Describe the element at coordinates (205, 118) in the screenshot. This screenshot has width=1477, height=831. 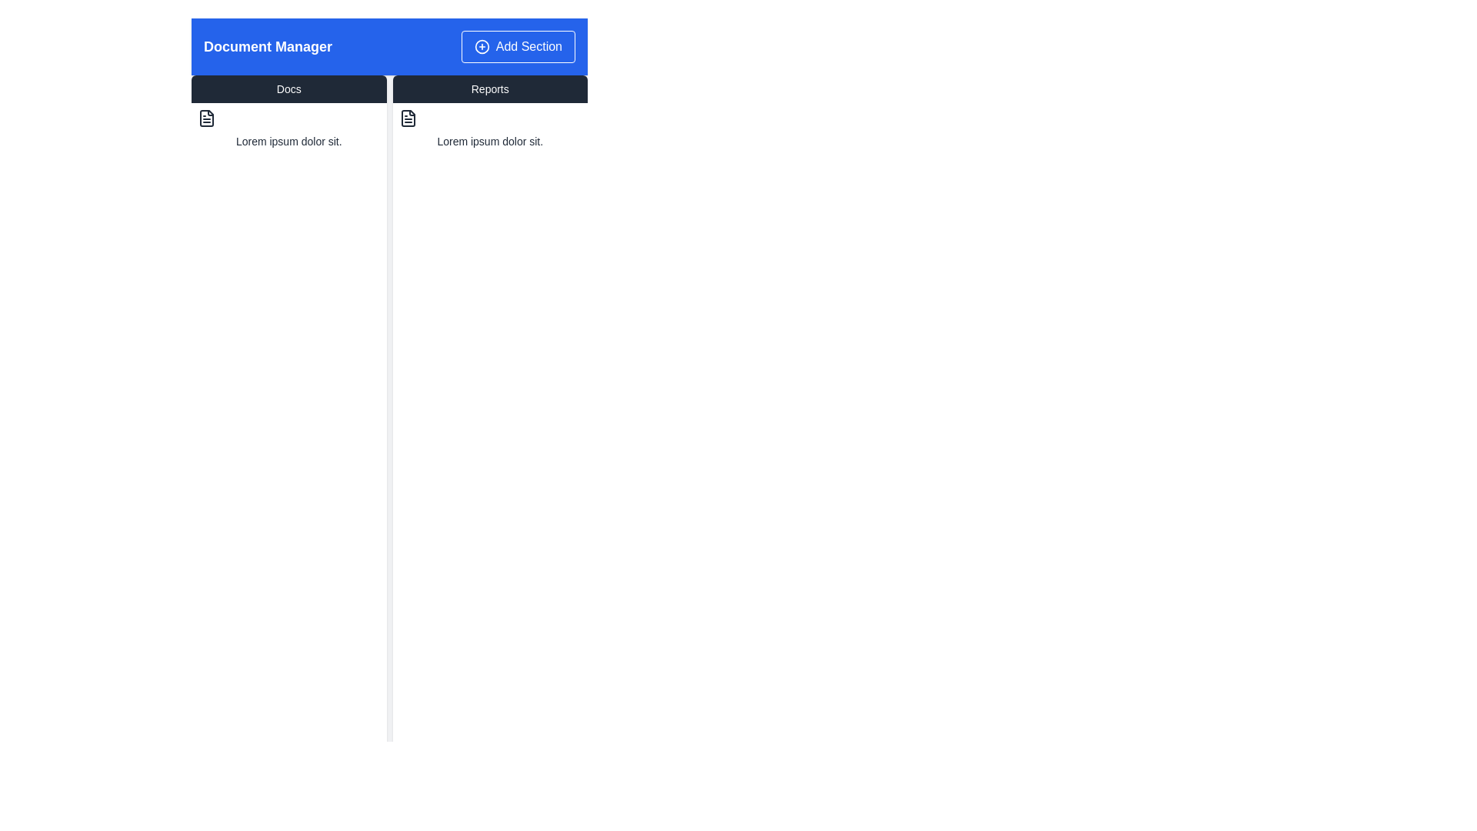
I see `the icon representing the file type associated with the adjacent text content in the 'Docs' section under the 'Document Manager' heading` at that location.